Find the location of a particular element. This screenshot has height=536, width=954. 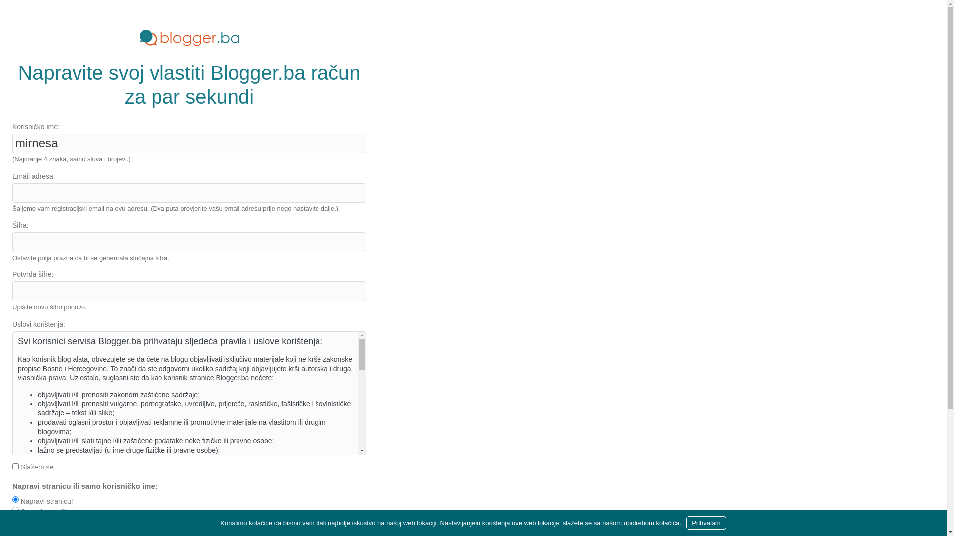

'Prihvatam' is located at coordinates (706, 522).